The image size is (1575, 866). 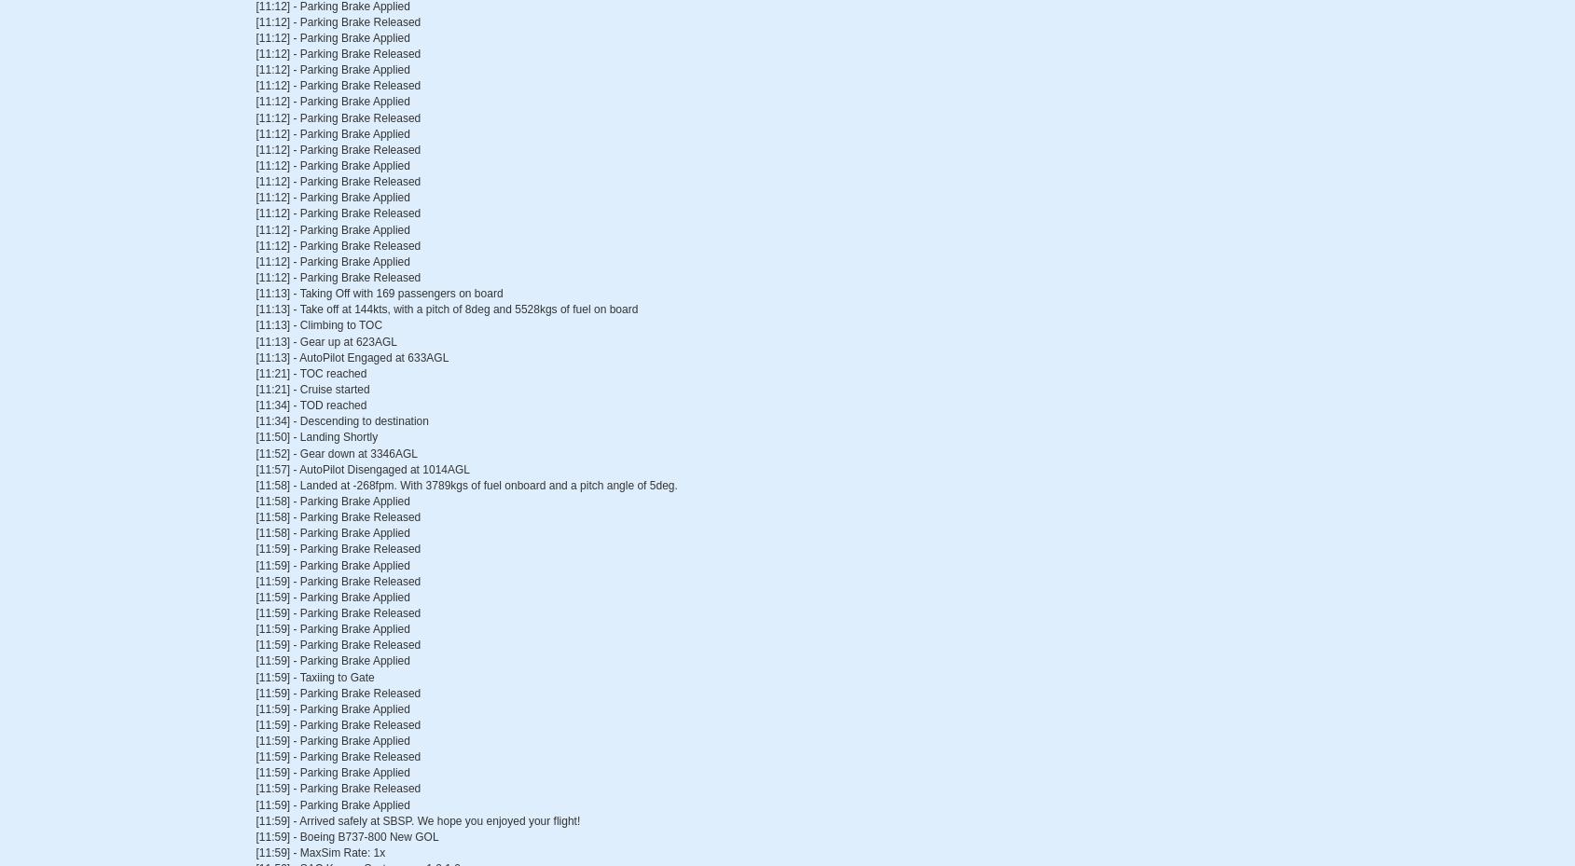 I want to click on '[11:59] - Taxiing to Gate', so click(x=314, y=677).